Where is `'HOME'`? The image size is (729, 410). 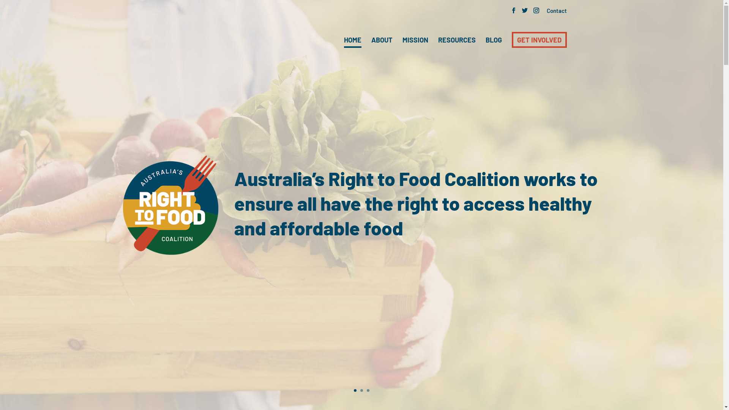
'HOME' is located at coordinates (344, 41).